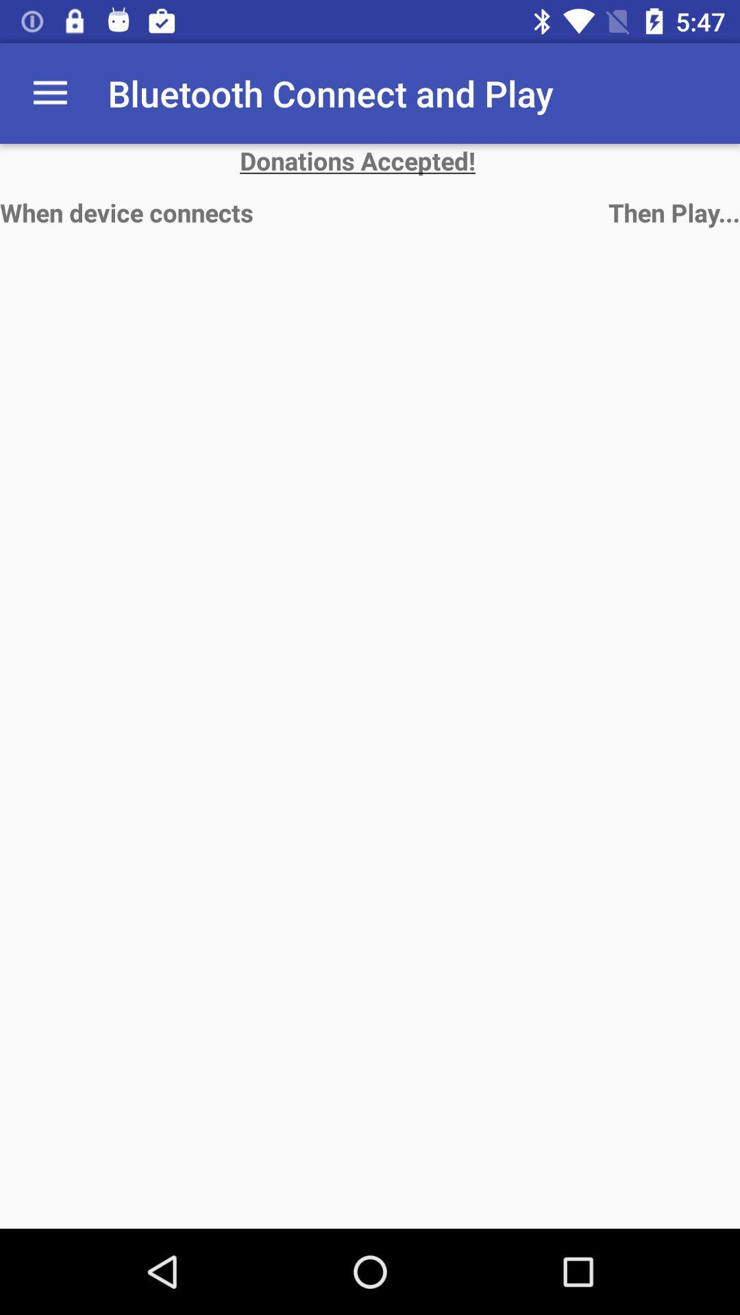 The image size is (740, 1315). What do you see at coordinates (49, 92) in the screenshot?
I see `item next to the bluetooth connect and` at bounding box center [49, 92].